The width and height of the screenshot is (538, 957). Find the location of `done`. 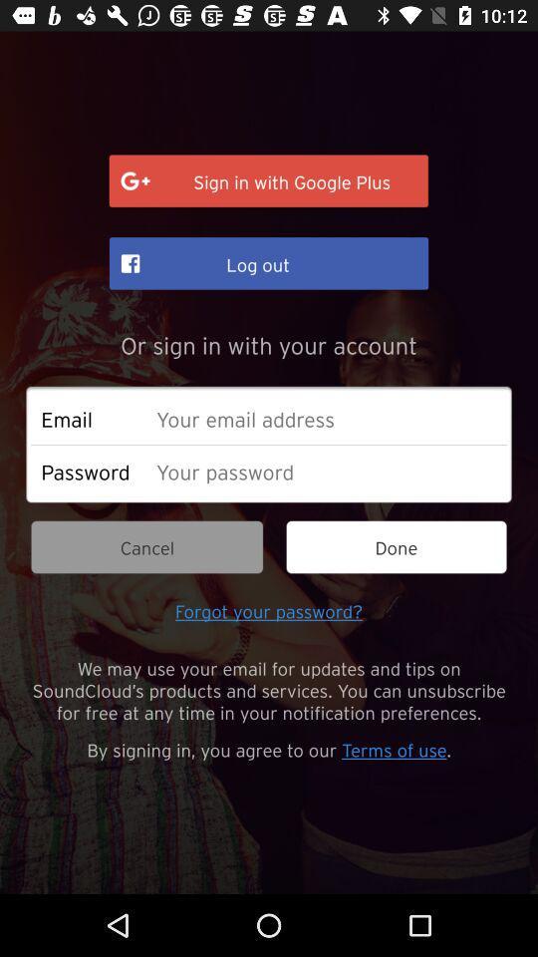

done is located at coordinates (397, 547).